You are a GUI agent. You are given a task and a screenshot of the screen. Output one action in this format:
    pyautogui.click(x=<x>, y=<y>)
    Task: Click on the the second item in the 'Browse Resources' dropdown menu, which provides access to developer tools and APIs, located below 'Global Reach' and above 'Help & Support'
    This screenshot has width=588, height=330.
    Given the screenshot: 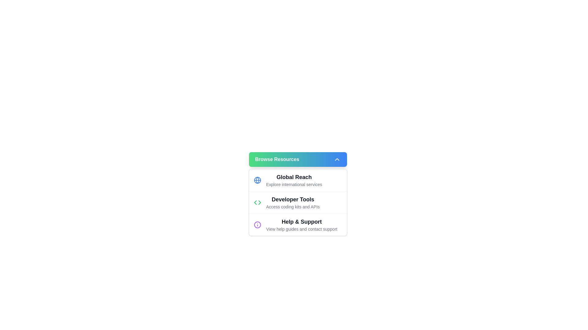 What is the action you would take?
    pyautogui.click(x=298, y=203)
    